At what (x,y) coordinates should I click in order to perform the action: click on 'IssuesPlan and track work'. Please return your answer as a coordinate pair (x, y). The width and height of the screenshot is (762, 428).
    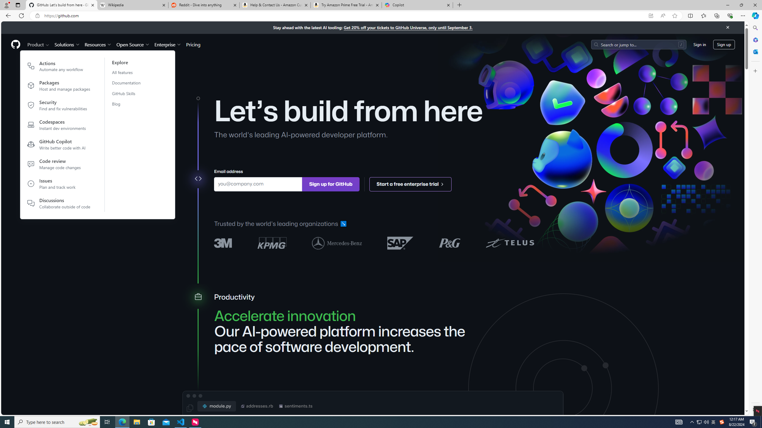
    Looking at the image, I should click on (59, 185).